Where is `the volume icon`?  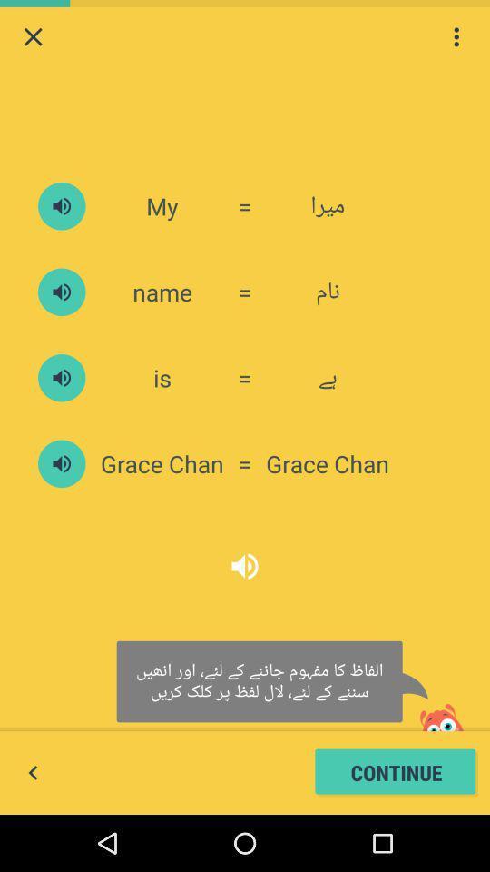 the volume icon is located at coordinates (61, 404).